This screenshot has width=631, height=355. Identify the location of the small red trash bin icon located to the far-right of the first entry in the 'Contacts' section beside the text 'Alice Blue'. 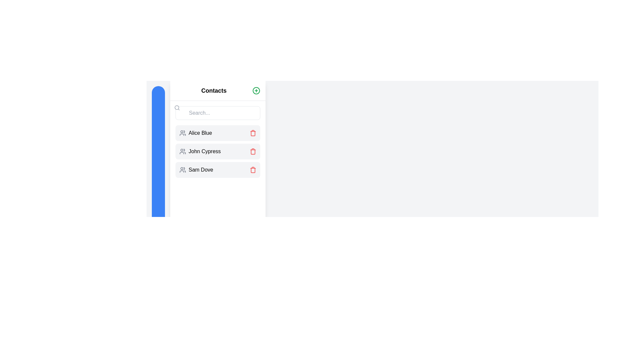
(252, 133).